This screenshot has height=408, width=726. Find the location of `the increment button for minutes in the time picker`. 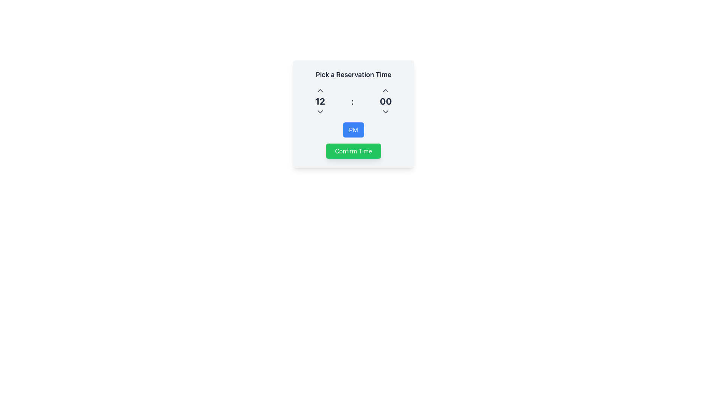

the increment button for minutes in the time picker is located at coordinates (386, 90).